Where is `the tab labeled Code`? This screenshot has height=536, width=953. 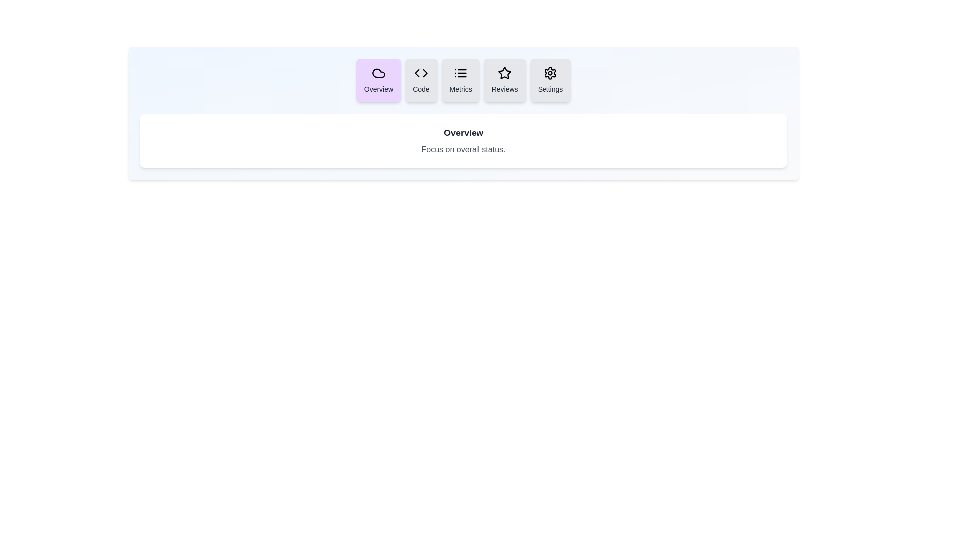
the tab labeled Code is located at coordinates (421, 80).